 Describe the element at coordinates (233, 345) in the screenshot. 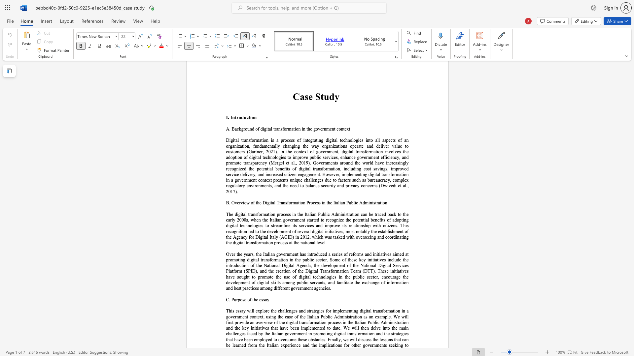

I see `the subset text "earne" within the text "overcome these obstacles. Finally, we will discuss the lessons that can be learned from the Italian experience and the implications for other governments"` at that location.